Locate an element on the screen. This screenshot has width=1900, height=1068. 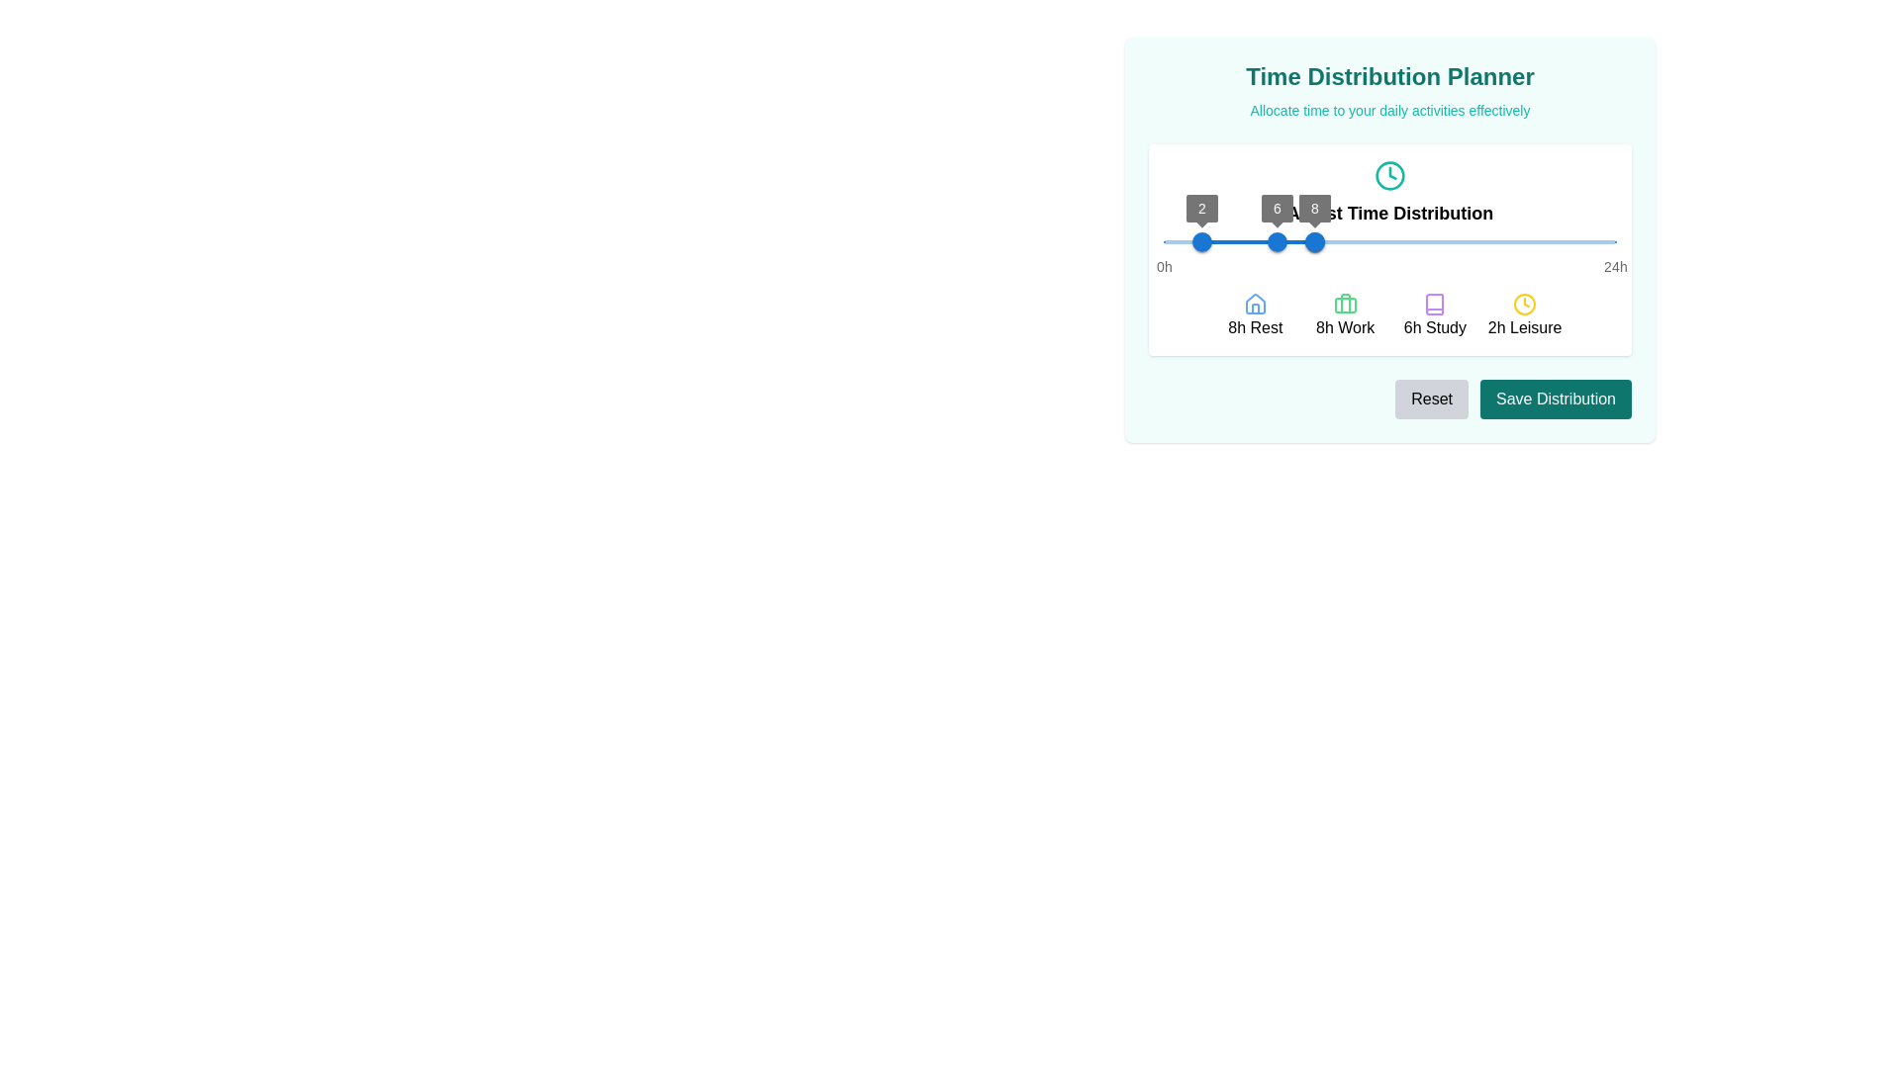
the small text label displaying the number '6', which is encased in a circular shape and positioned above the blue bar of the slider widget is located at coordinates (1278, 207).